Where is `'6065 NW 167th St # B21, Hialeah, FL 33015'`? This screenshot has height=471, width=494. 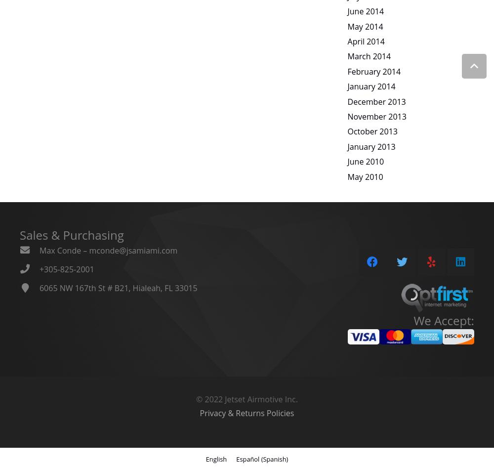 '6065 NW 167th St # B21, Hialeah, FL 33015' is located at coordinates (118, 287).